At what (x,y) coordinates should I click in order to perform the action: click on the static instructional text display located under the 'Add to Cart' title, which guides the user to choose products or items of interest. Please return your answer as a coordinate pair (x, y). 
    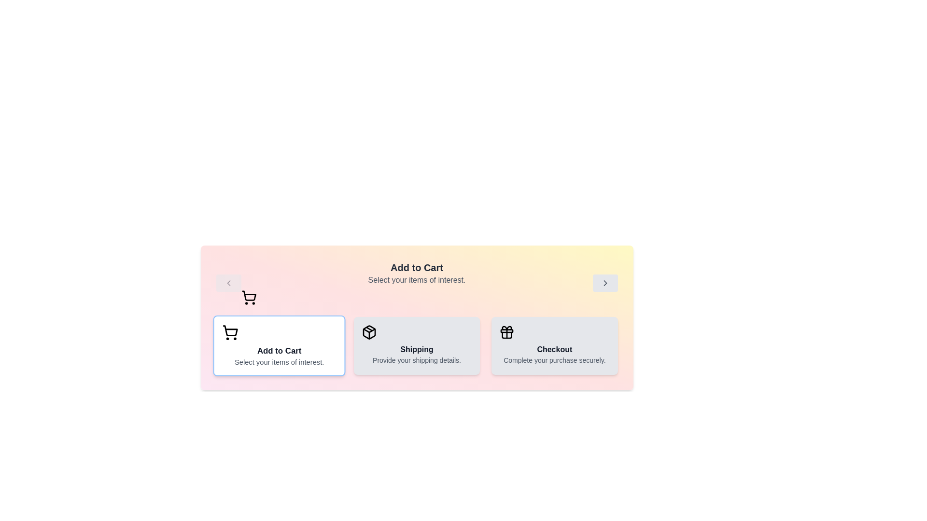
    Looking at the image, I should click on (417, 280).